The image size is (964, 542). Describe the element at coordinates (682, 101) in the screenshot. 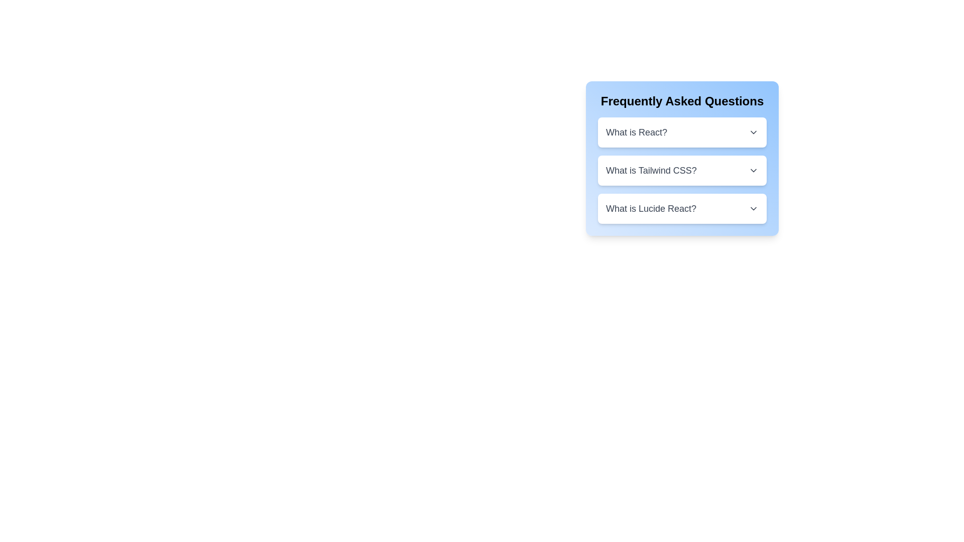

I see `the prominently styled heading displaying 'Frequently Asked Questions' by moving the cursor to its center position` at that location.